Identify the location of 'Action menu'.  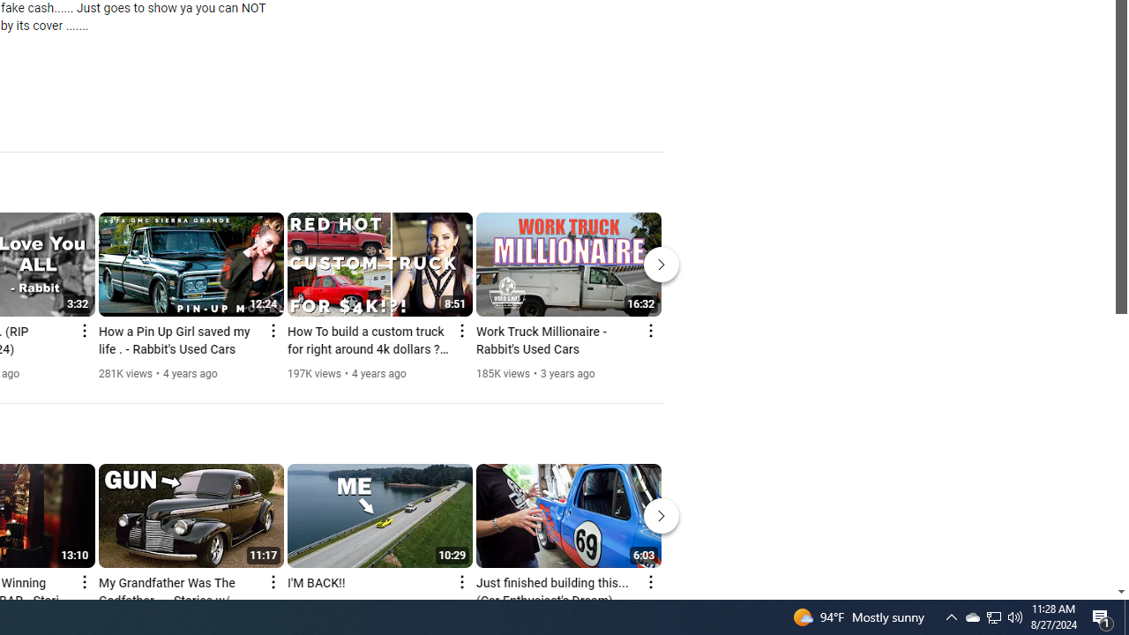
(649, 581).